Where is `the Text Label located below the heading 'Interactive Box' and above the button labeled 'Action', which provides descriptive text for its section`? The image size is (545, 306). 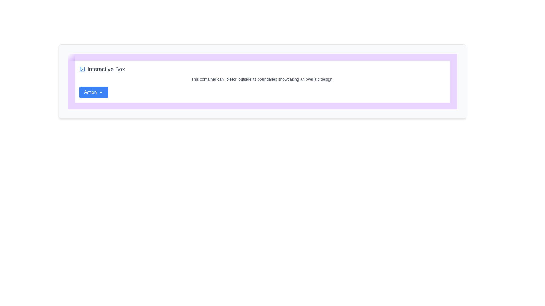 the Text Label located below the heading 'Interactive Box' and above the button labeled 'Action', which provides descriptive text for its section is located at coordinates (262, 79).